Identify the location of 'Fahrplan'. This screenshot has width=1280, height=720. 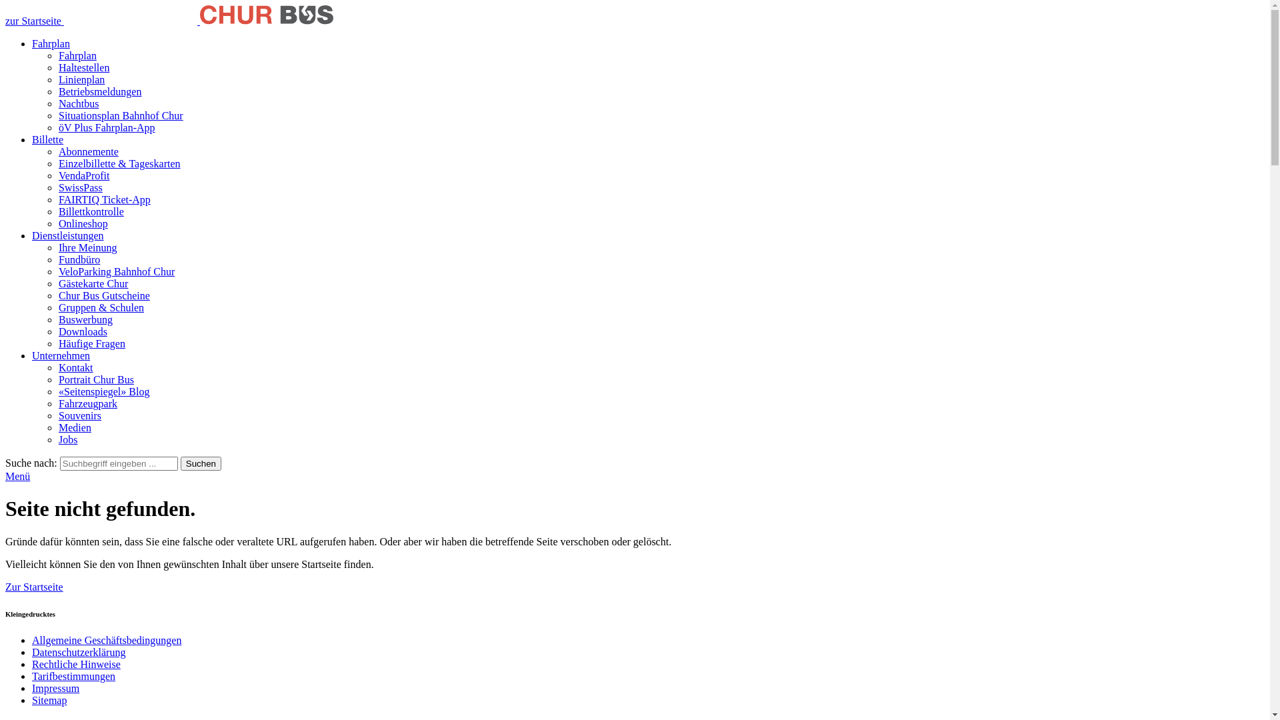
(51, 43).